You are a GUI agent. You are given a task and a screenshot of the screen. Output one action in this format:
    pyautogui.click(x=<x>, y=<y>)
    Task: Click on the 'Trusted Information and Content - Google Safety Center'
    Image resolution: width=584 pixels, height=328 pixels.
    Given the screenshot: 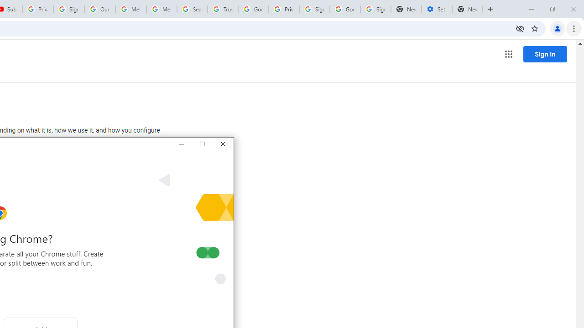 What is the action you would take?
    pyautogui.click(x=223, y=9)
    